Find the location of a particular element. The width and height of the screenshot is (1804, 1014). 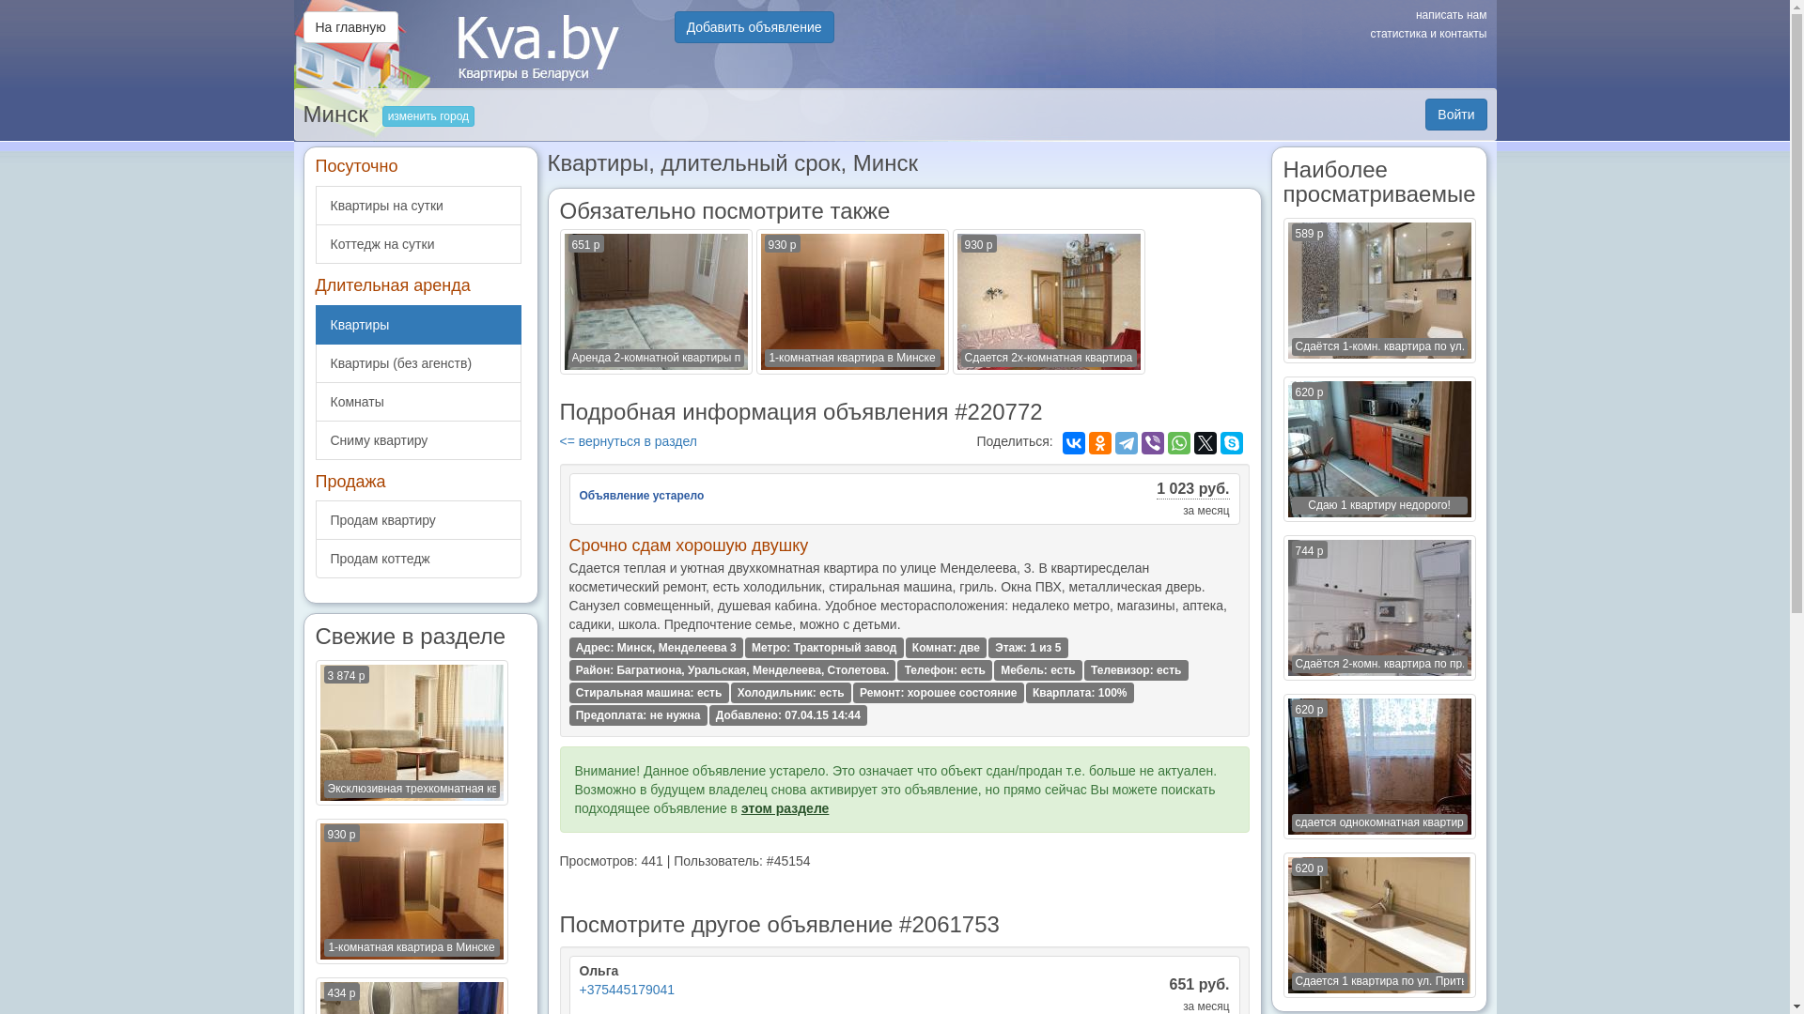

'Telegram' is located at coordinates (1114, 442).